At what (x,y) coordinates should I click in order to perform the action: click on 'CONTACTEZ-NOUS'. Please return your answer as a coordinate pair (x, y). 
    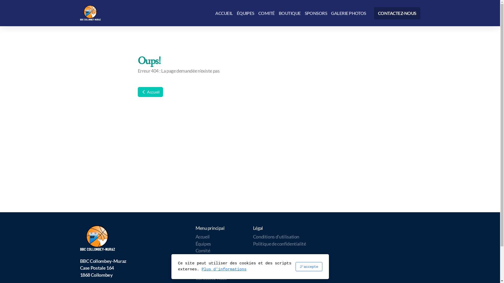
    Looking at the image, I should click on (397, 13).